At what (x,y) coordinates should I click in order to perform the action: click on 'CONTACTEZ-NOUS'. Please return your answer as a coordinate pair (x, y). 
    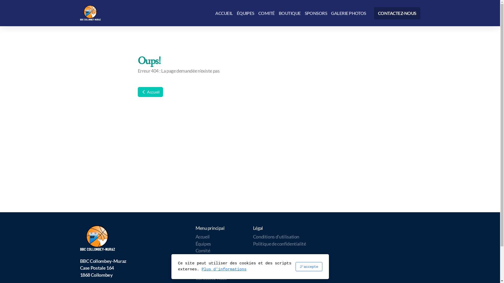
    Looking at the image, I should click on (397, 13).